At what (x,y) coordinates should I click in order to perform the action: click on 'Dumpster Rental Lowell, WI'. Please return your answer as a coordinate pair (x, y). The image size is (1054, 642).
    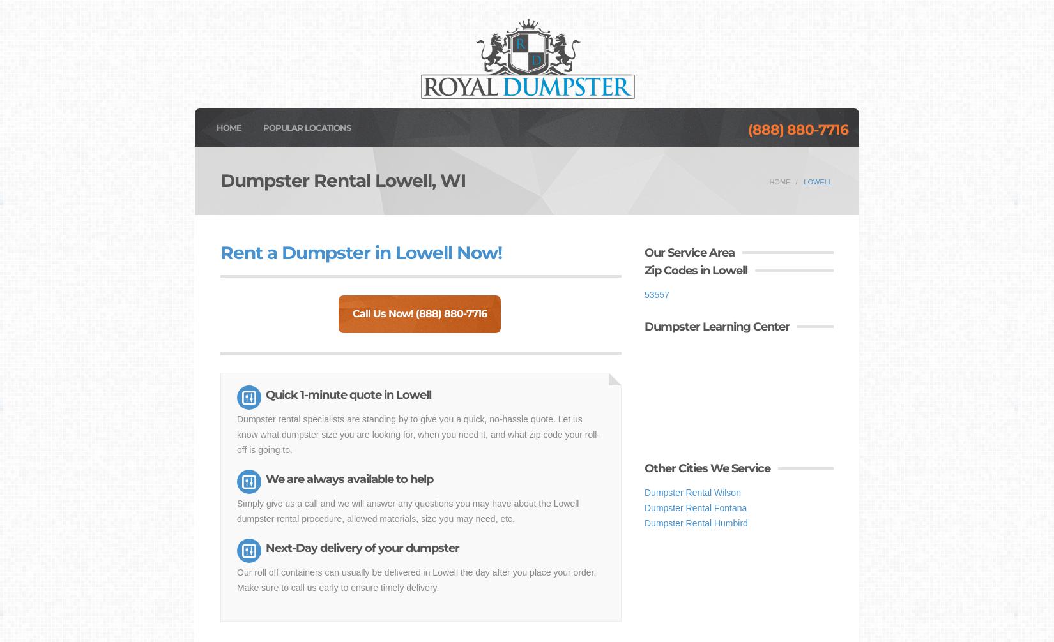
    Looking at the image, I should click on (342, 179).